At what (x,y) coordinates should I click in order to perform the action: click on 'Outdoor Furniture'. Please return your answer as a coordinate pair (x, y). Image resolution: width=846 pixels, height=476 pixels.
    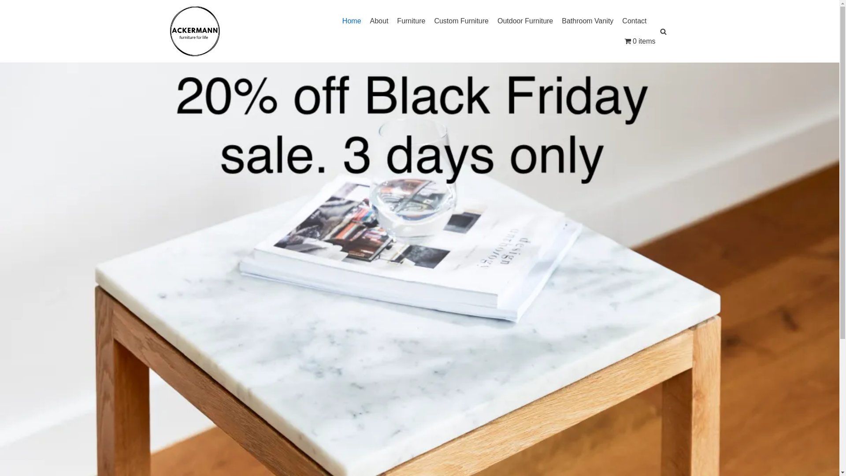
    Looking at the image, I should click on (525, 20).